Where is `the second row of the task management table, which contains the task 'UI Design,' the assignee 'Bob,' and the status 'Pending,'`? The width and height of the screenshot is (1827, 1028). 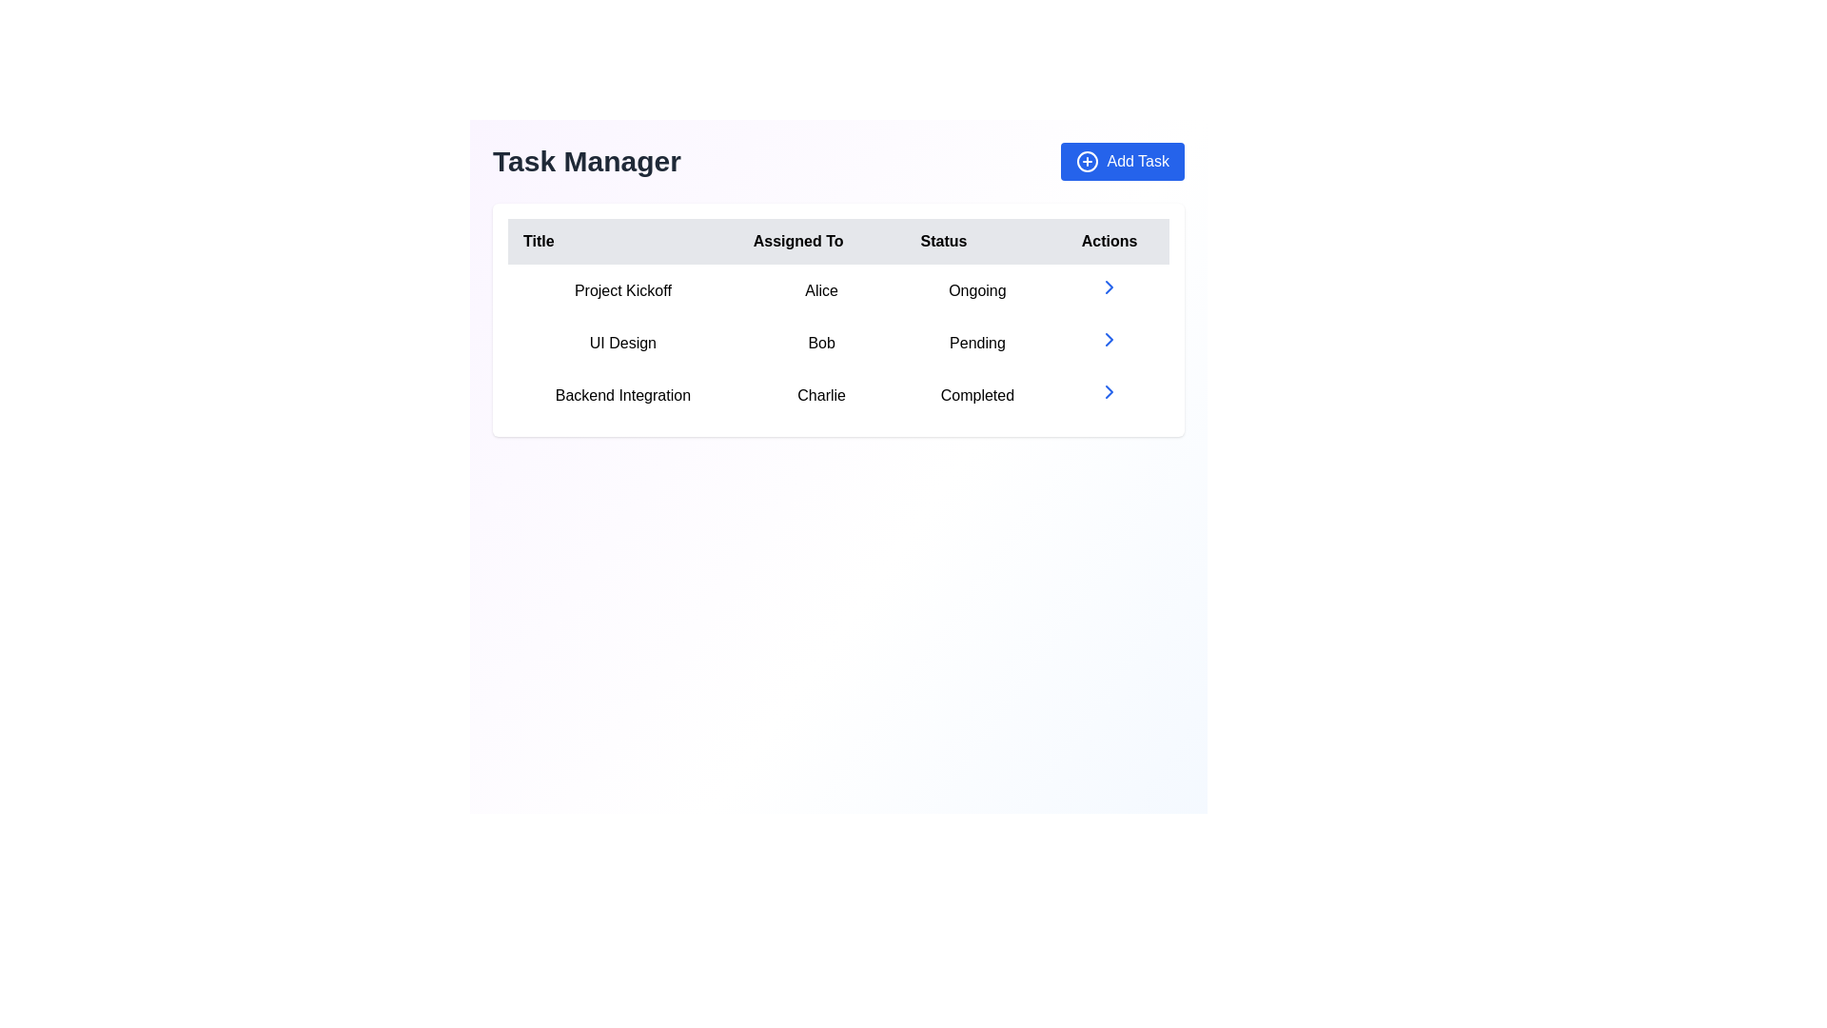 the second row of the task management table, which contains the task 'UI Design,' the assignee 'Bob,' and the status 'Pending,' is located at coordinates (837, 343).